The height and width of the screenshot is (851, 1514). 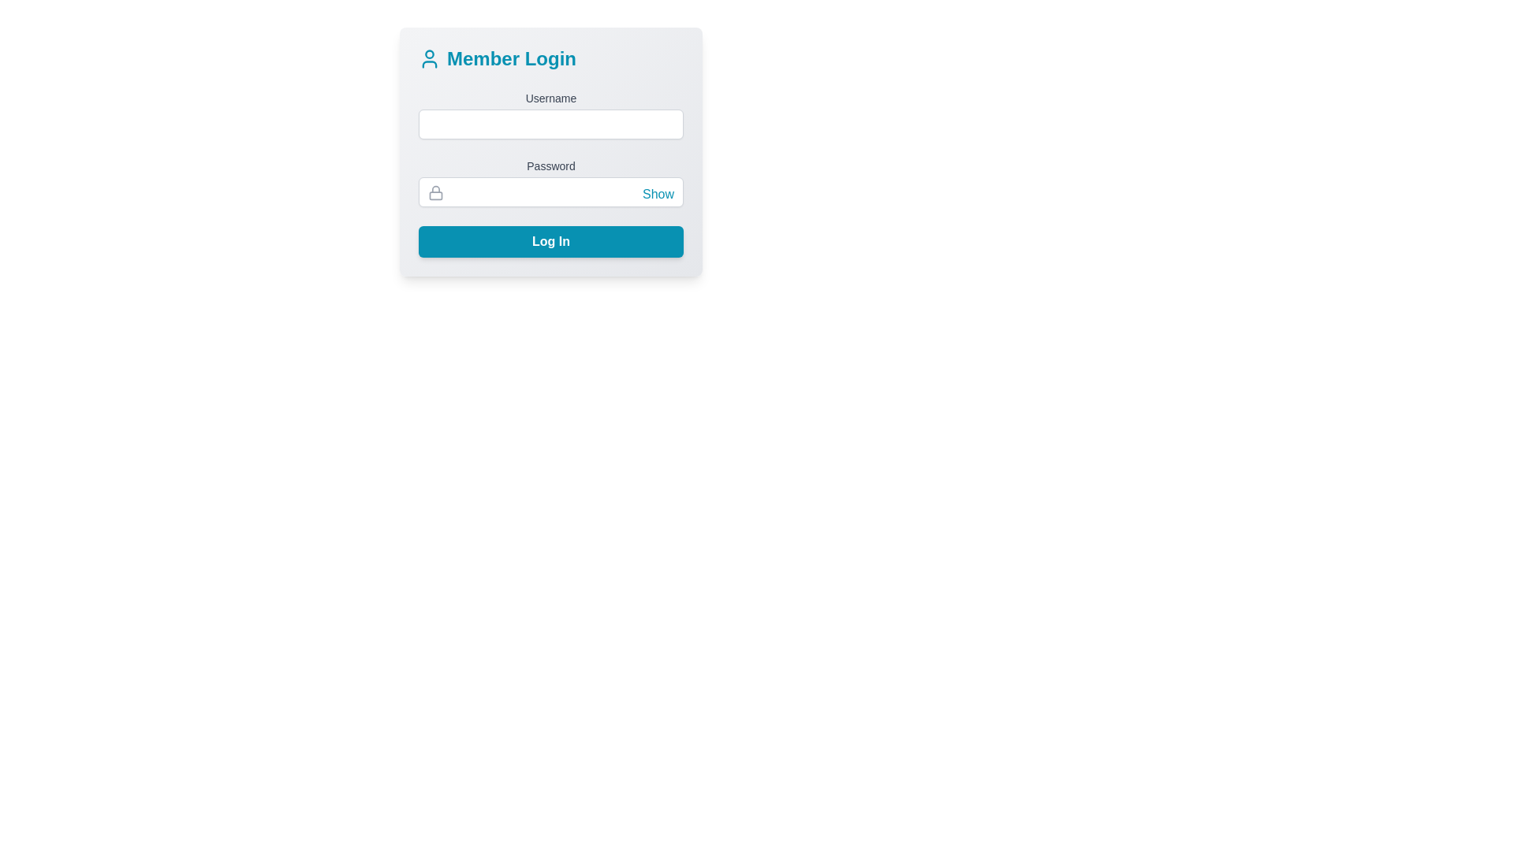 What do you see at coordinates (435, 195) in the screenshot?
I see `the lower part of the lock icon, which signifies security for the password input field in the login form, located to the left of the password input field` at bounding box center [435, 195].